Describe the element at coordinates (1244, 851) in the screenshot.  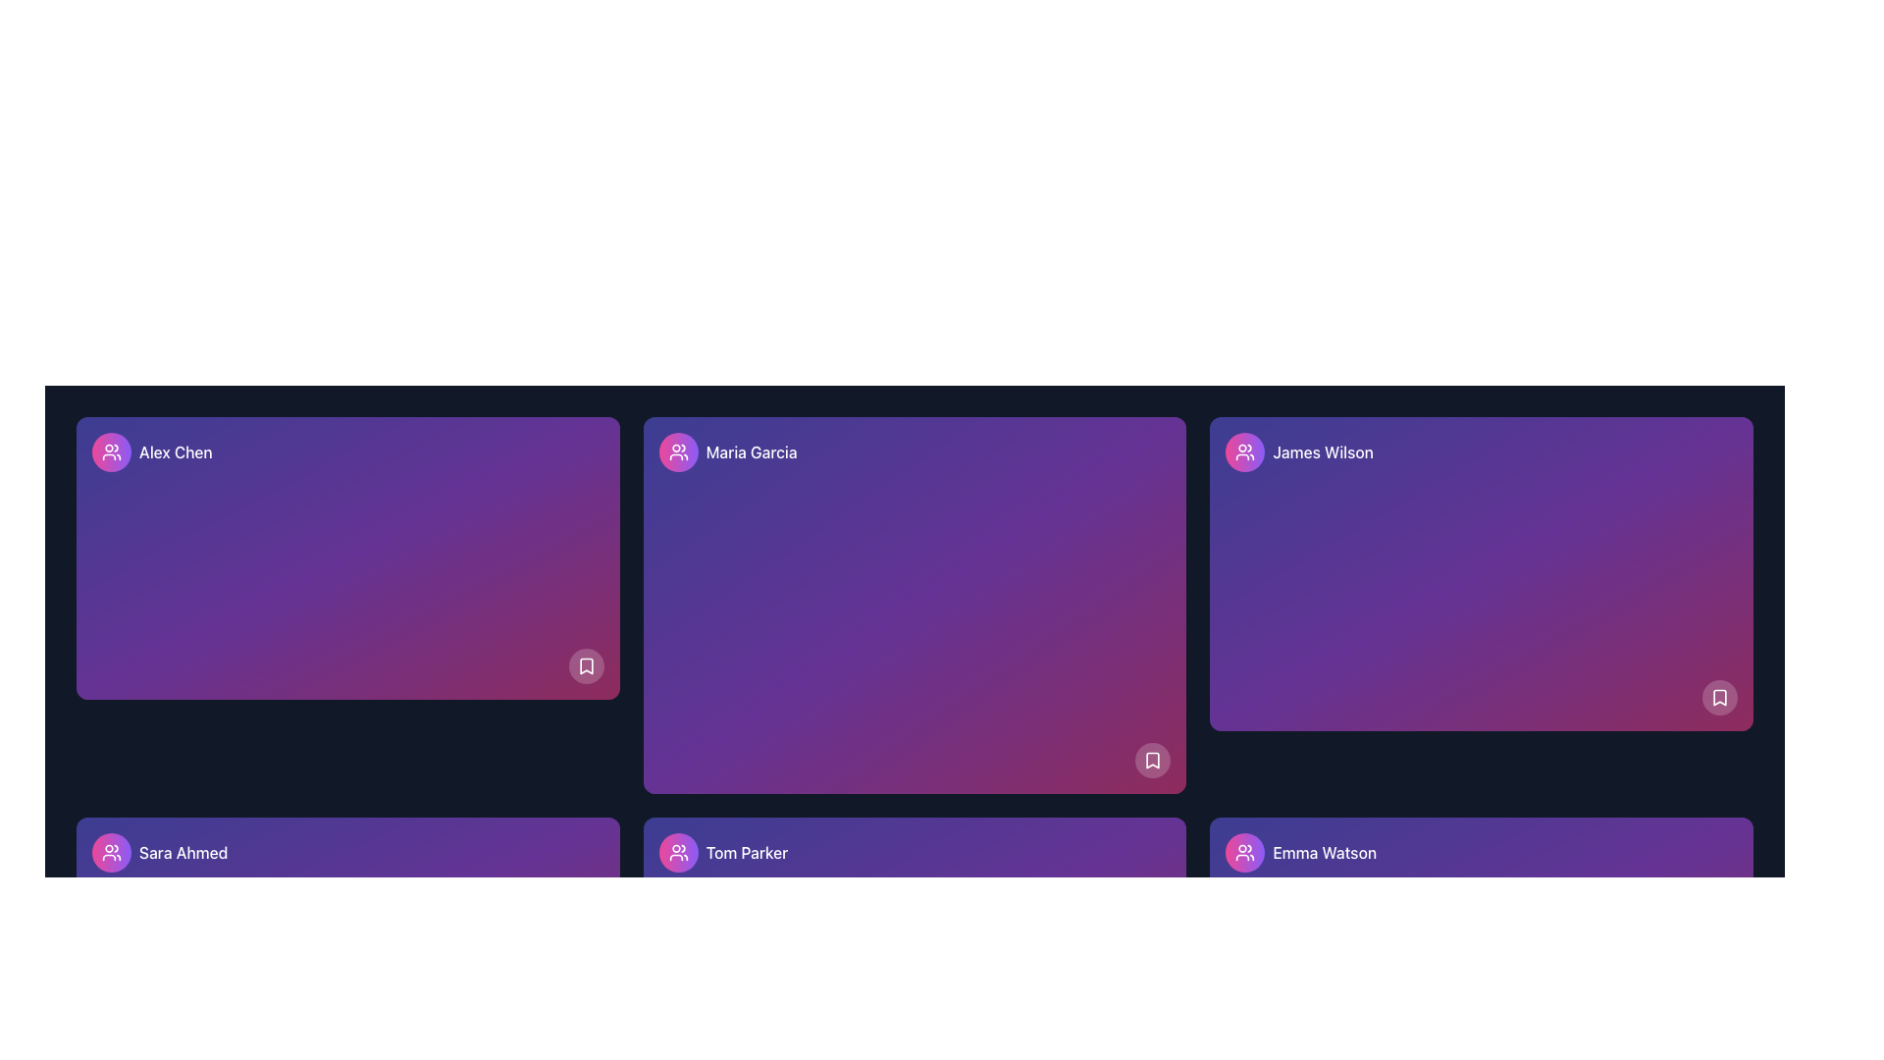
I see `the circular icon representing a group of users, which features stylized line art of two human figures within a circular boundary against a gradient background transitioning from pink to violet` at that location.